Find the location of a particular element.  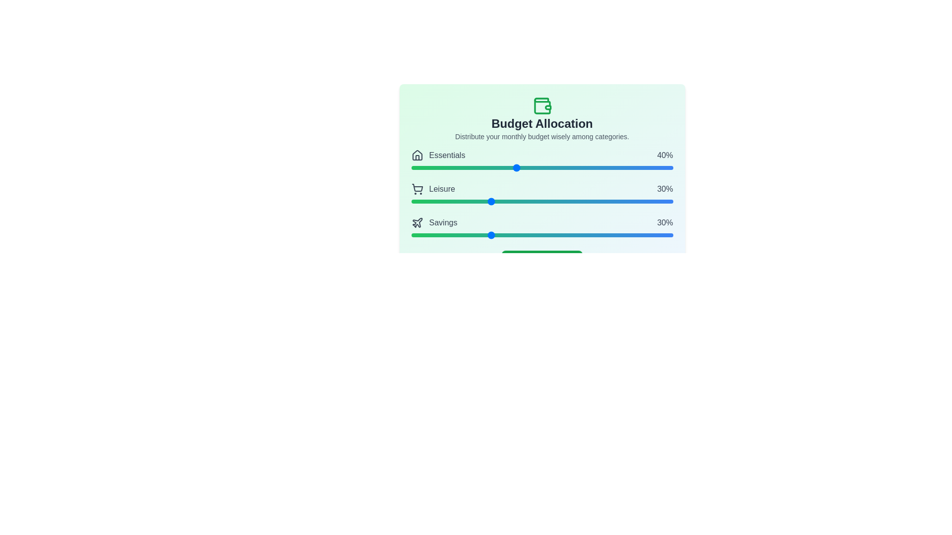

the 'Essentials' slider to 89% allocation is located at coordinates (644, 167).